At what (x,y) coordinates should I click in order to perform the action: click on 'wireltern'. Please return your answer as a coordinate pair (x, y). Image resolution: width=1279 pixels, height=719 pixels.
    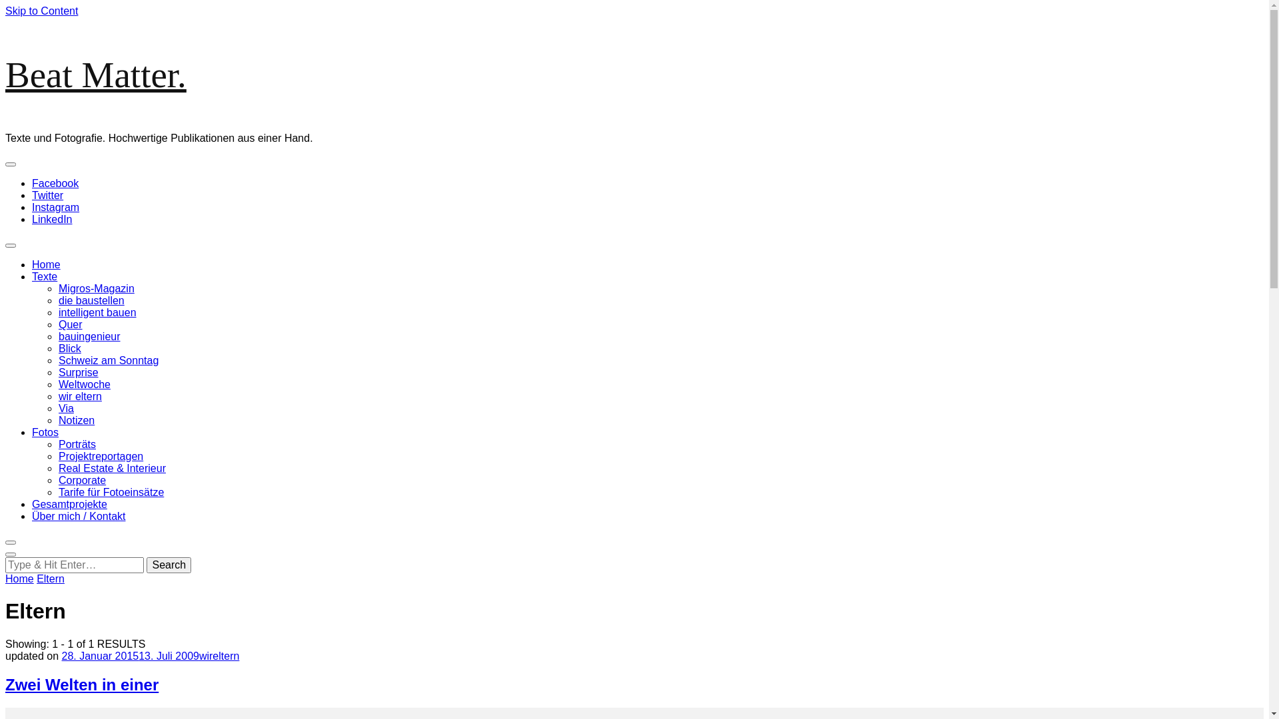
    Looking at the image, I should click on (198, 655).